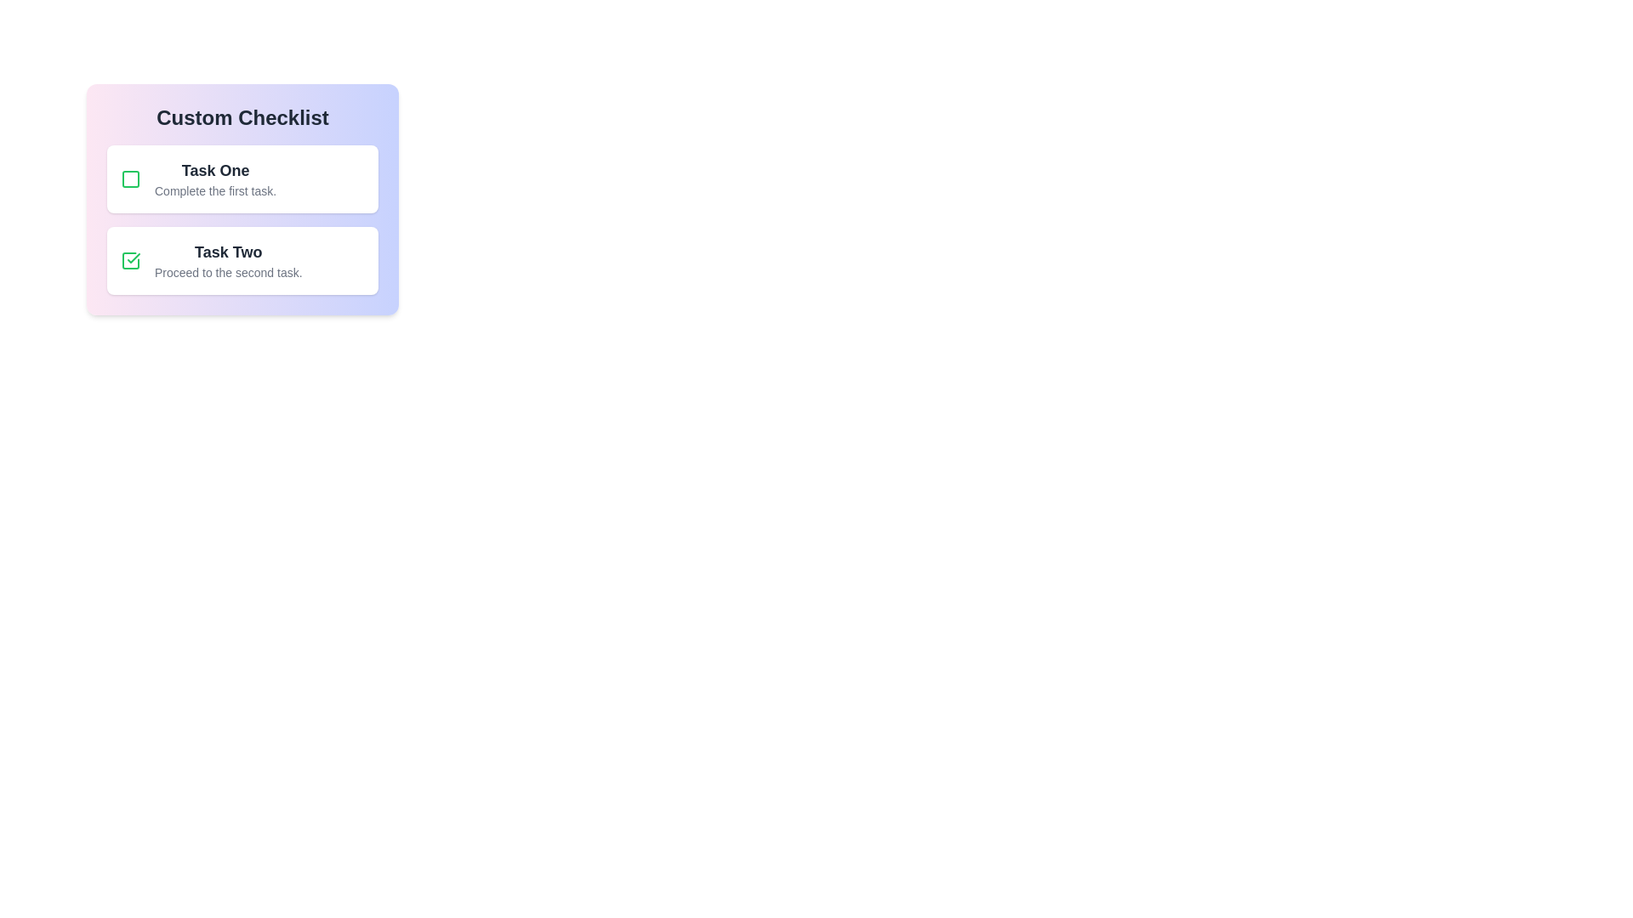 The width and height of the screenshot is (1633, 918). I want to click on the checklist task item text label with an icon that displays task-related information and a status checkmark located in the second task block of the checklist interface, so click(210, 261).